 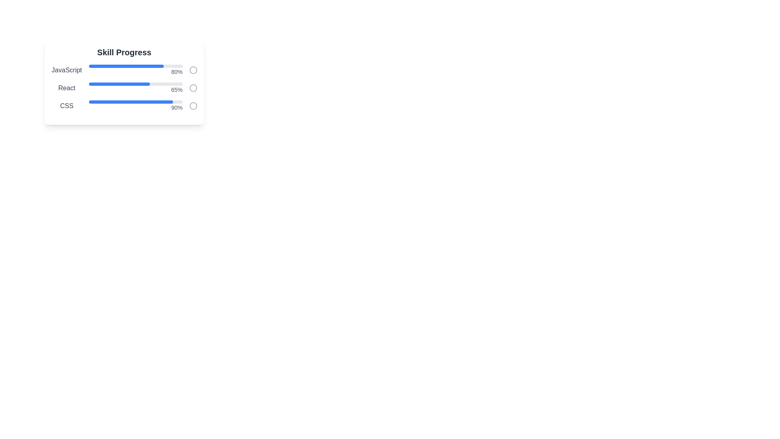 What do you see at coordinates (119, 84) in the screenshot?
I see `the progress represented by the blue progress bar indicating 65% completion for 'React' skill, located in the middle section of the skill items list` at bounding box center [119, 84].